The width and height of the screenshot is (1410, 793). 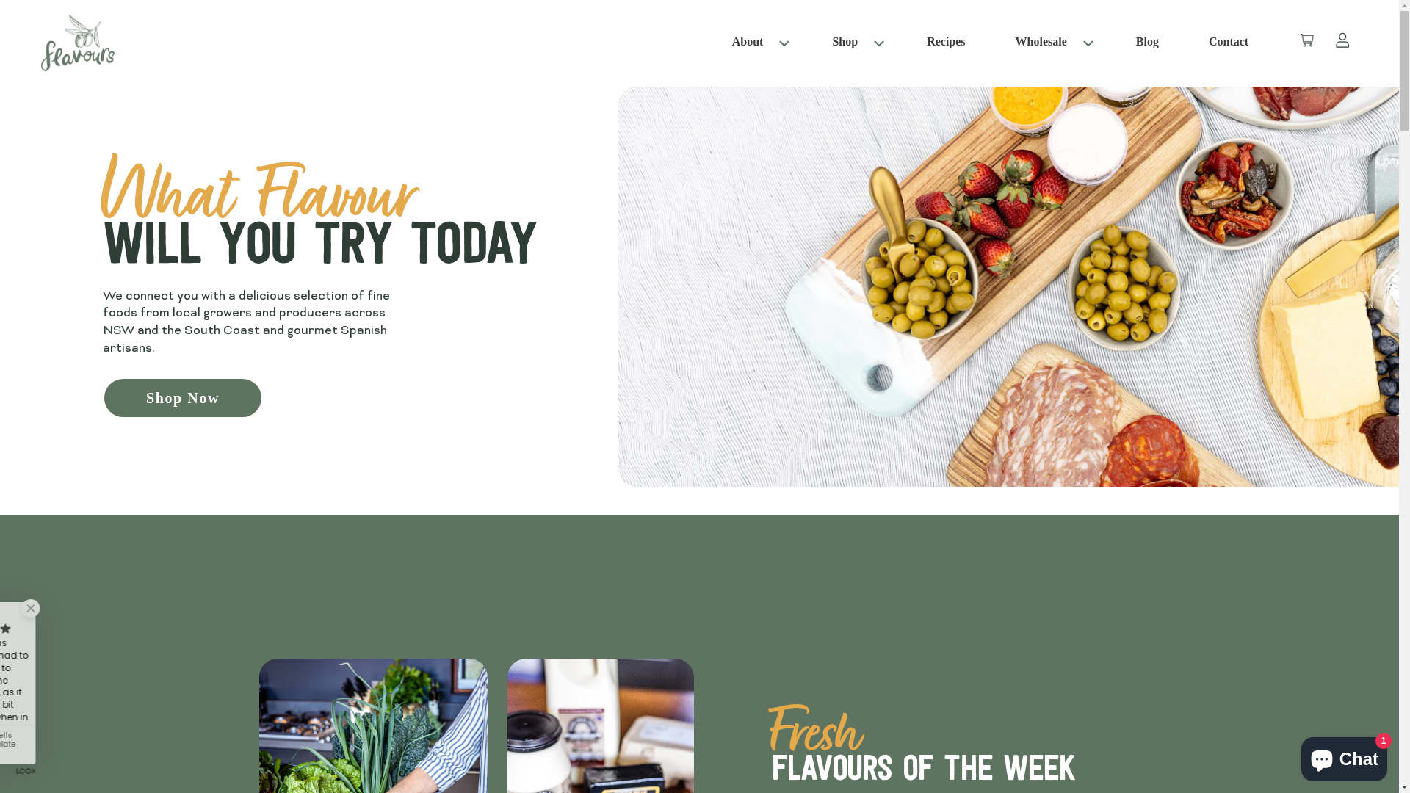 I want to click on 'Contact', so click(x=1201, y=42).